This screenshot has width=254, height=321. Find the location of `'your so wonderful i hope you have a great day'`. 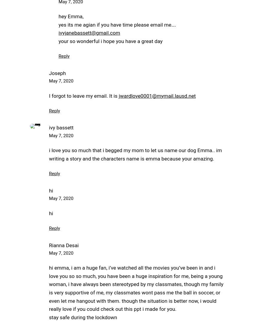

'your so wonderful i hope you have a great day' is located at coordinates (110, 41).